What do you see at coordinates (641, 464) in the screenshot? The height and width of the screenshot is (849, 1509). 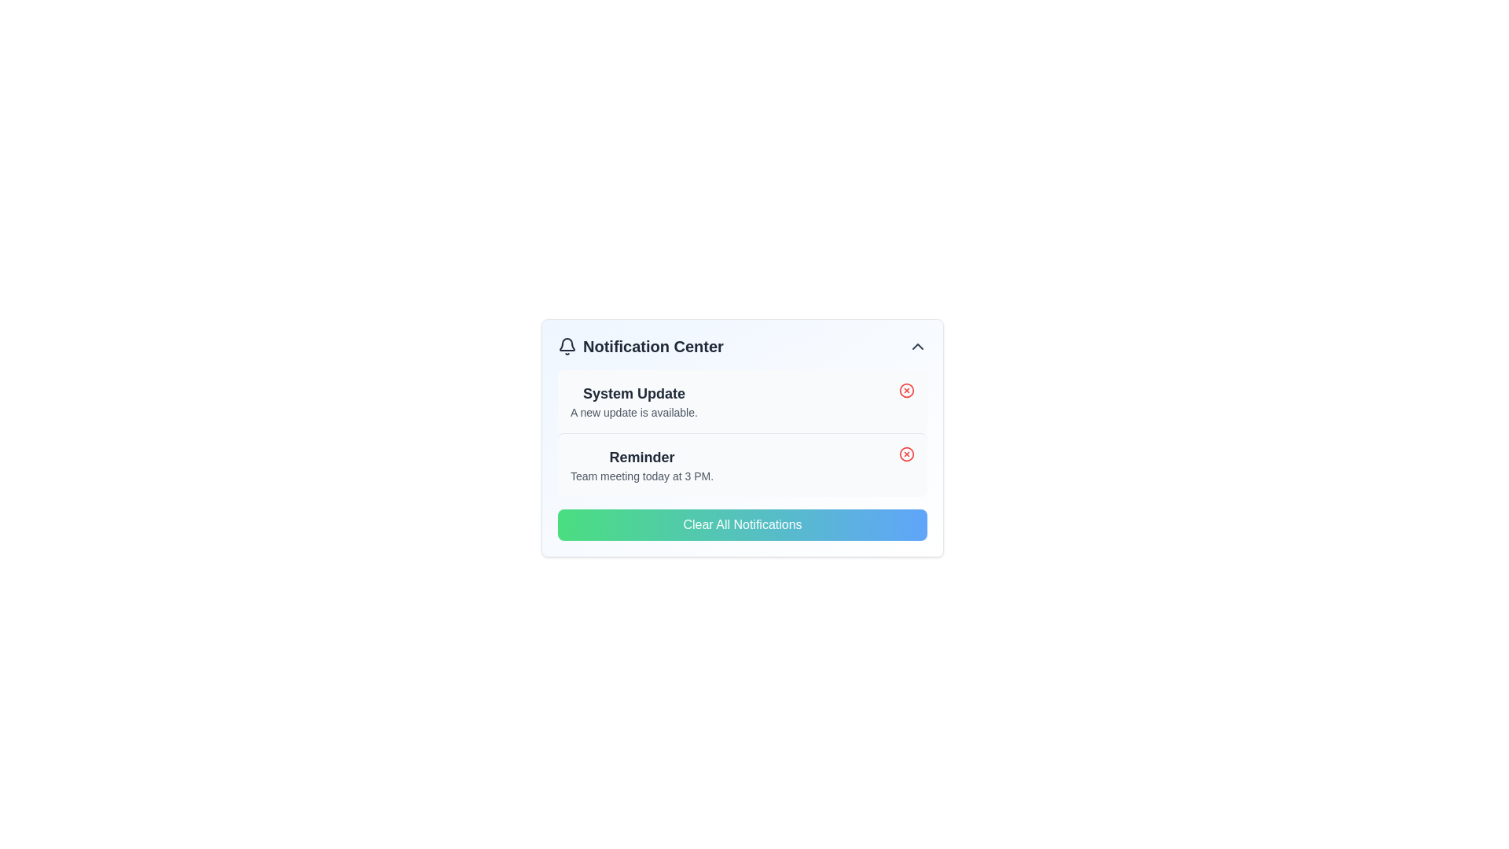 I see `the 'Reminder' text block in the second notification card of the Notification Center to interact with it` at bounding box center [641, 464].